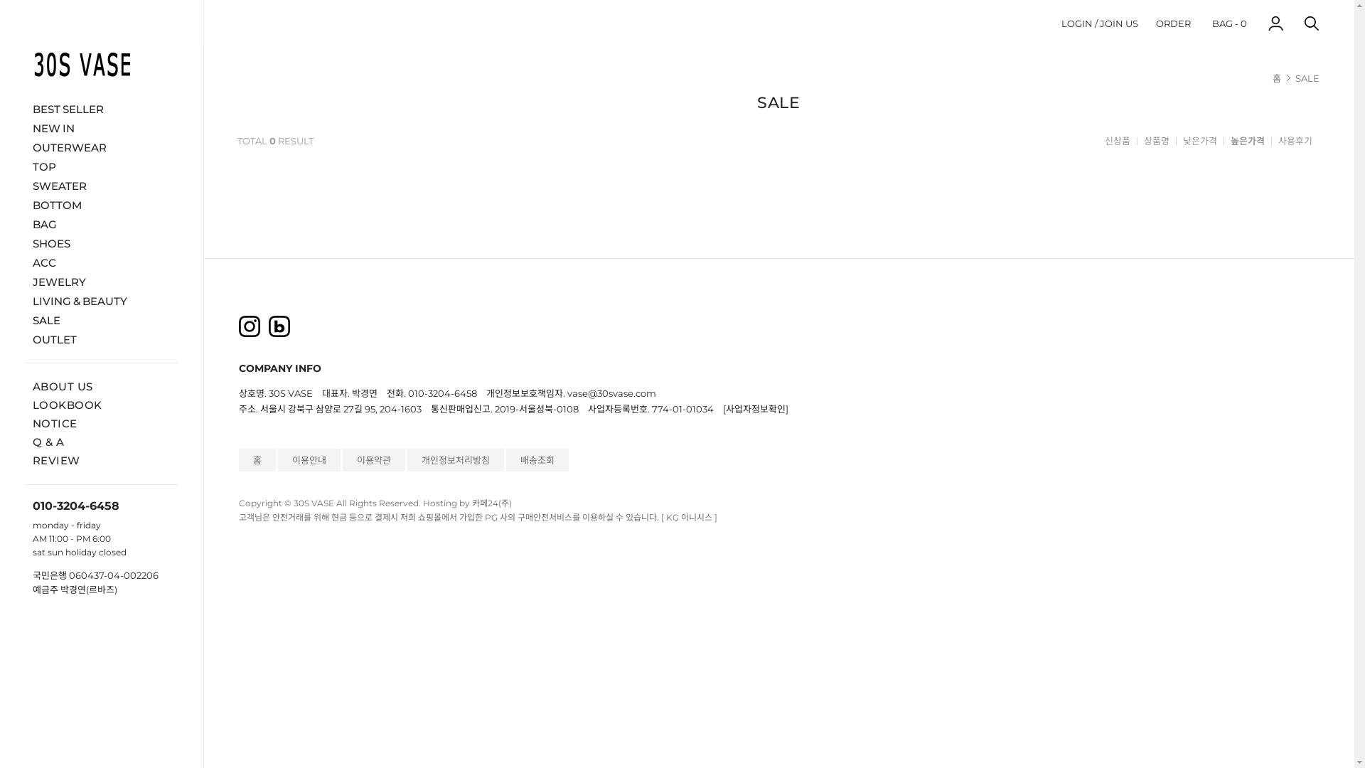 The height and width of the screenshot is (768, 1365). What do you see at coordinates (67, 405) in the screenshot?
I see `'LOOKBOOK'` at bounding box center [67, 405].